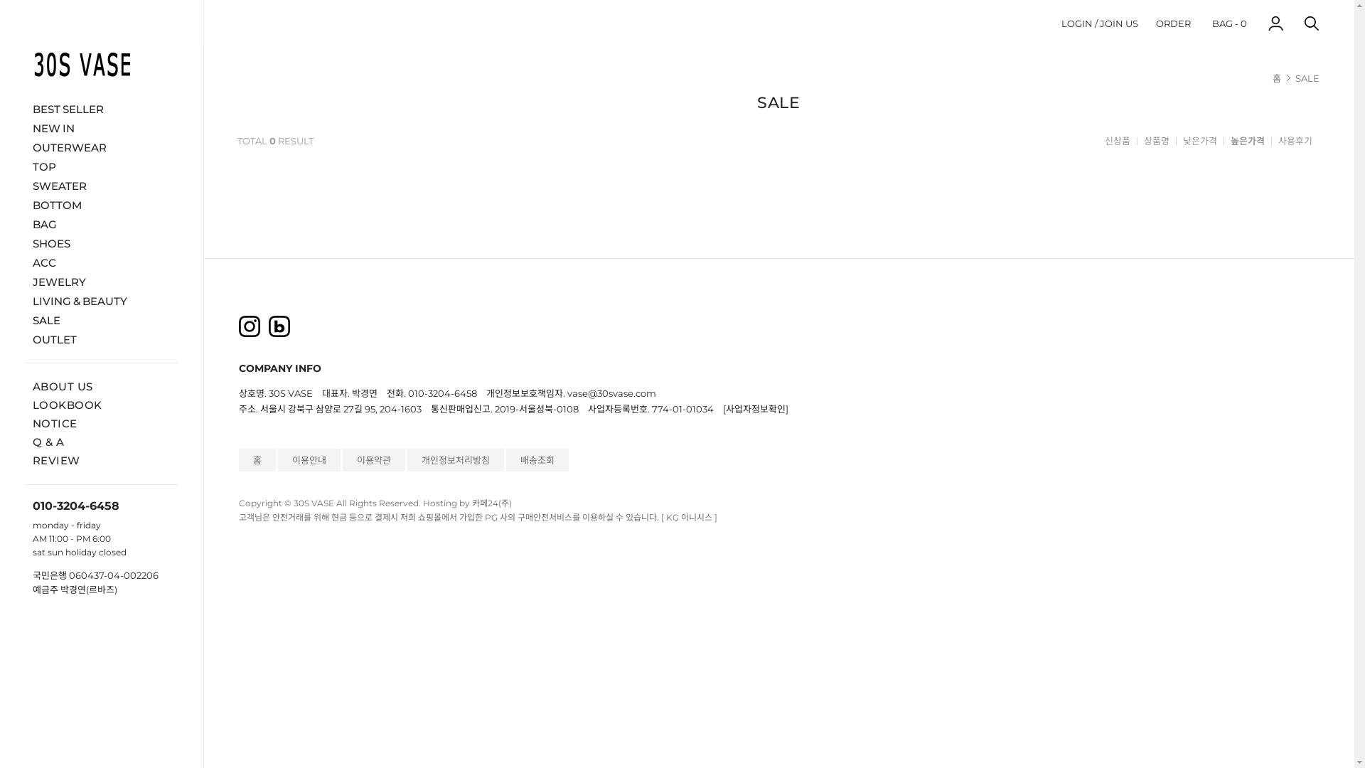 The height and width of the screenshot is (768, 1365). What do you see at coordinates (67, 405) in the screenshot?
I see `'LOOKBOOK'` at bounding box center [67, 405].